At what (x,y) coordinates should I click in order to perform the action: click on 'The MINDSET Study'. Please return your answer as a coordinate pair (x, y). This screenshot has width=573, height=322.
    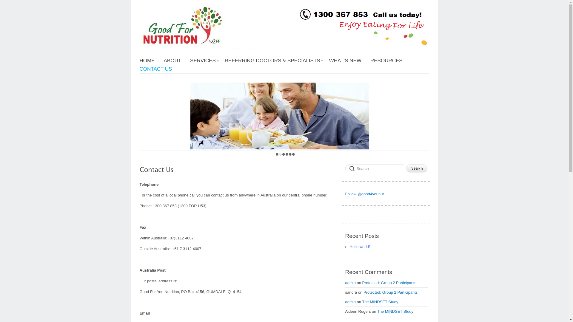
    Looking at the image, I should click on (380, 302).